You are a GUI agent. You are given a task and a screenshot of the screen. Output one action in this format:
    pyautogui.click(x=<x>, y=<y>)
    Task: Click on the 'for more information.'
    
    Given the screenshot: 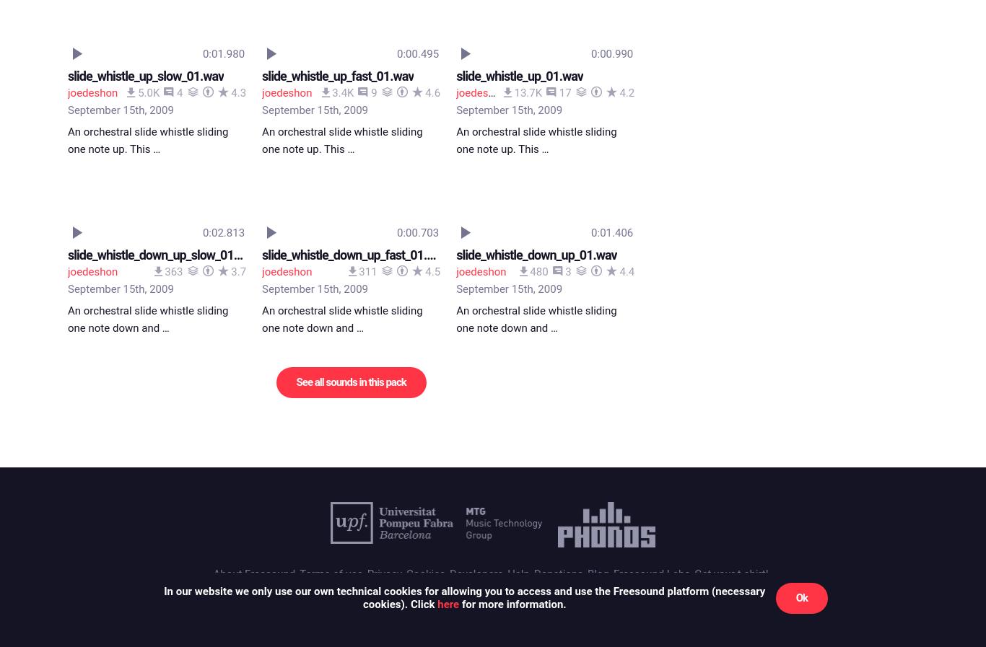 What is the action you would take?
    pyautogui.click(x=512, y=53)
    